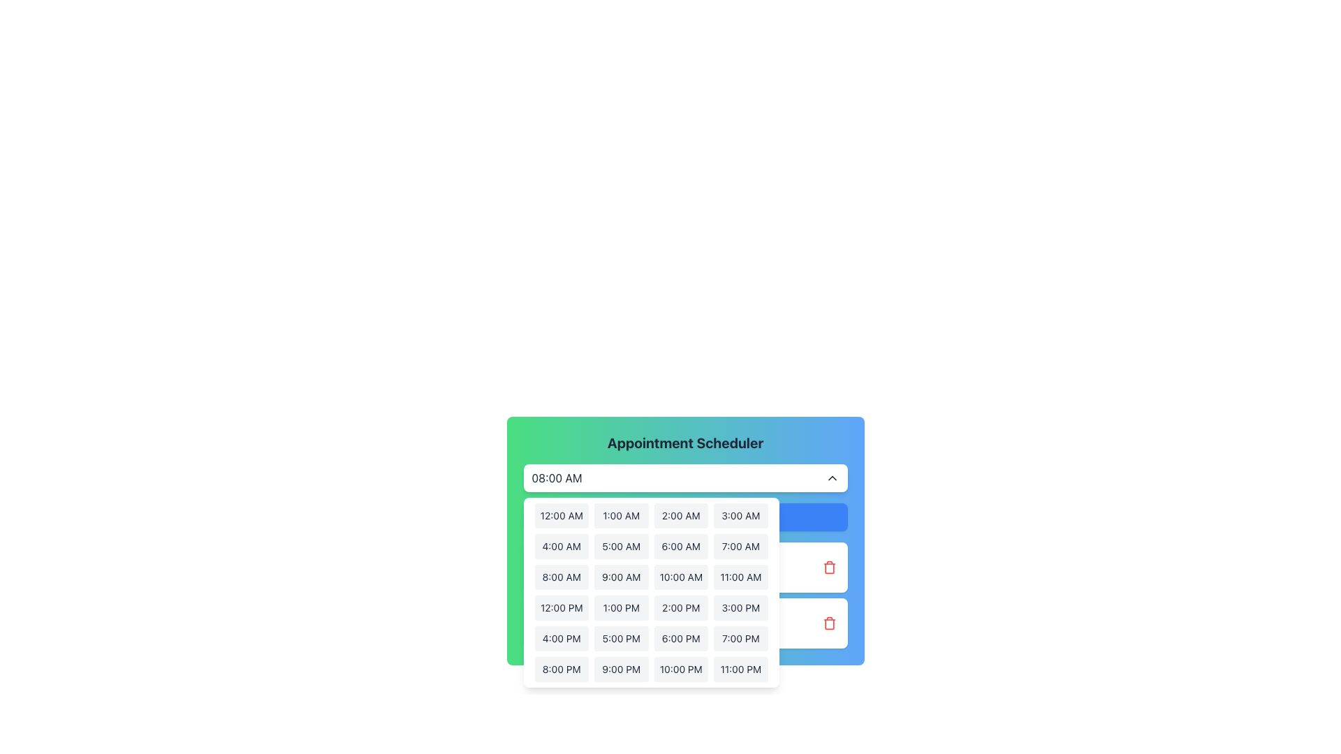  Describe the element at coordinates (681, 516) in the screenshot. I see `the button labeled '2:00 AM' which is the third item in the first row of the grid layout` at that location.